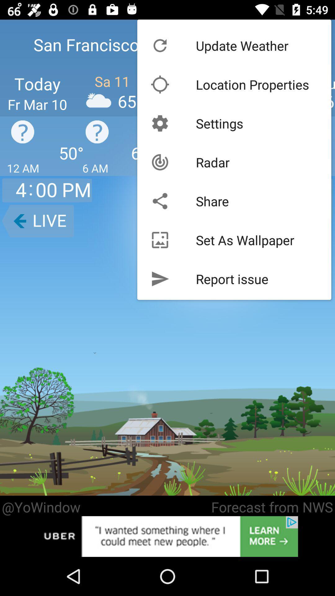 This screenshot has width=335, height=596. What do you see at coordinates (212, 201) in the screenshot?
I see `the icon above set as wallpaper` at bounding box center [212, 201].